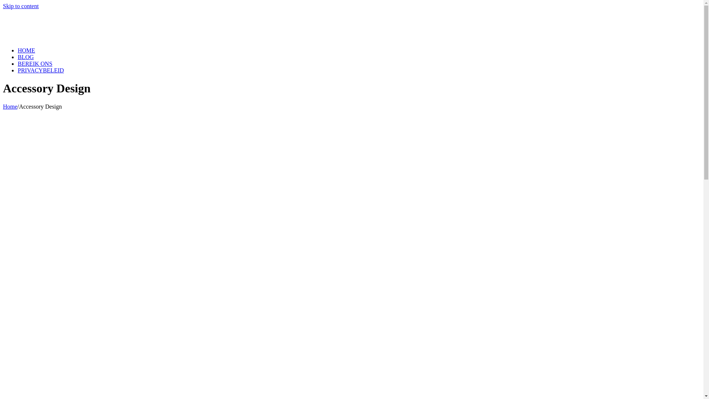 This screenshot has width=709, height=399. I want to click on 'Home', so click(10, 106).